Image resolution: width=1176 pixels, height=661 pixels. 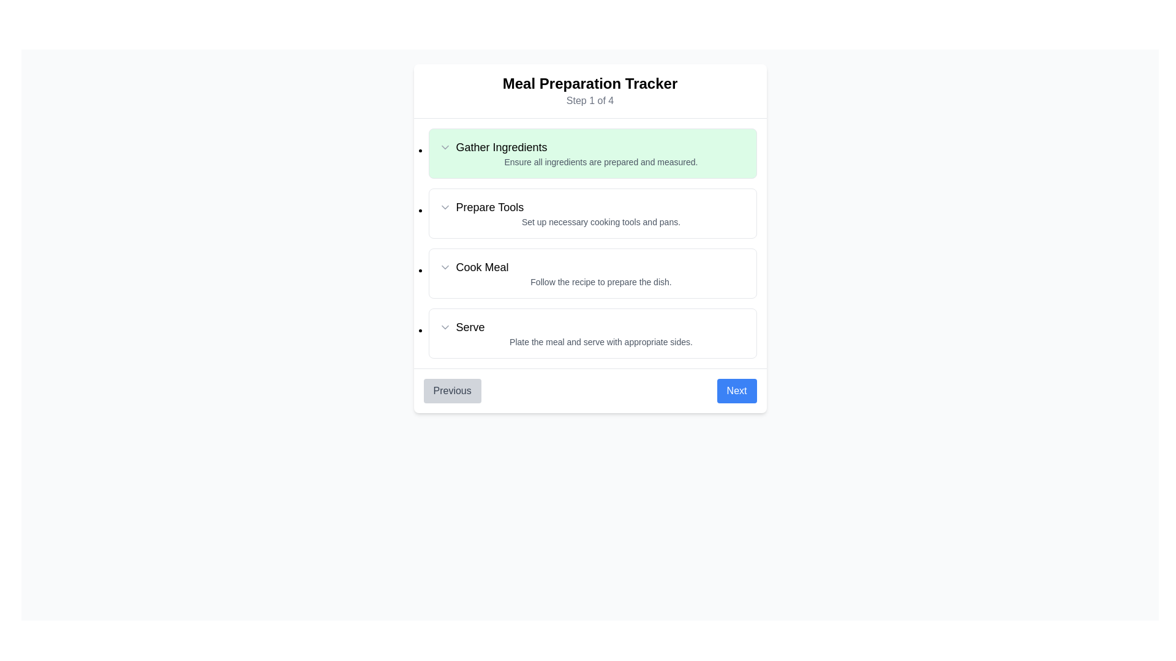 What do you see at coordinates (444, 266) in the screenshot?
I see `the downward-pointing chevron icon located to the left of the 'Cook Meal' text` at bounding box center [444, 266].